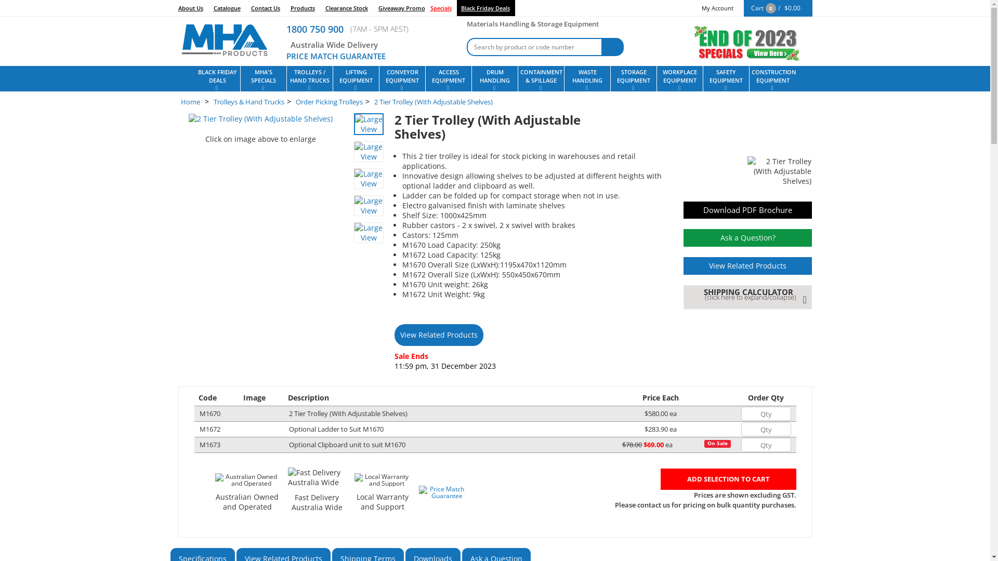 The image size is (998, 561). Describe the element at coordinates (356, 78) in the screenshot. I see `'LIFTING EQUIPMENT'` at that location.